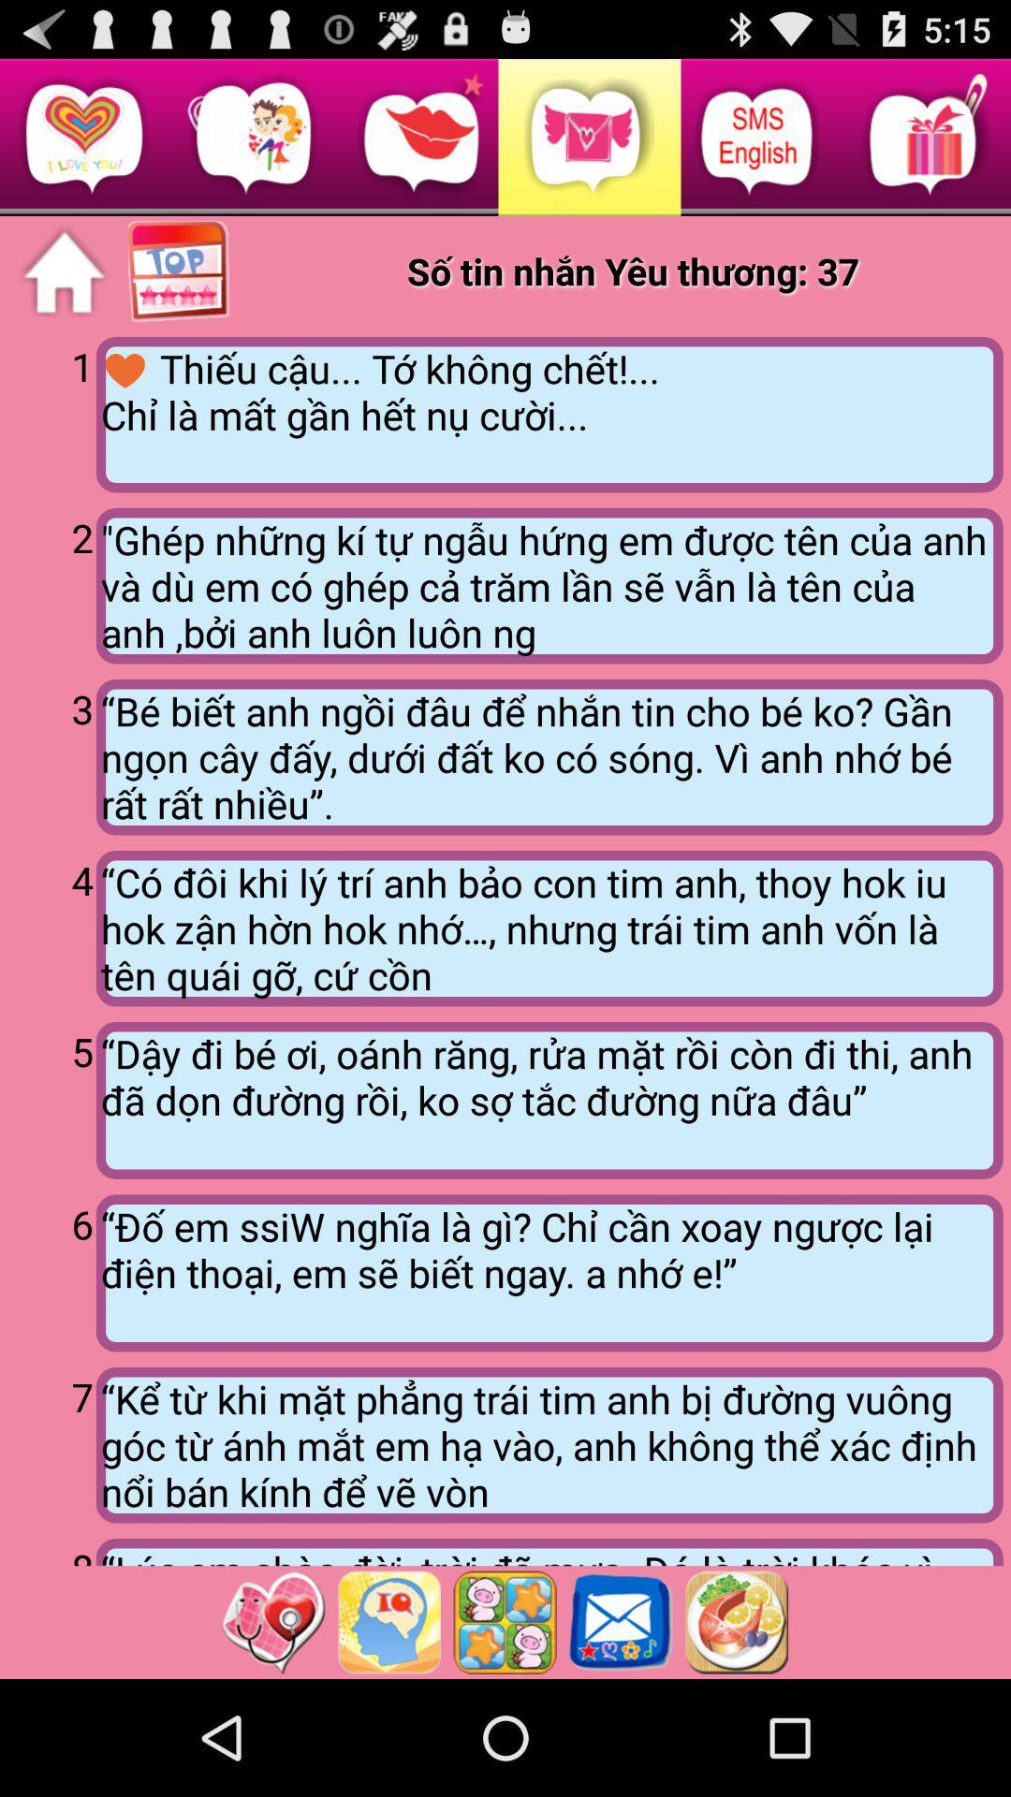  What do you see at coordinates (51, 1097) in the screenshot?
I see `5 icon` at bounding box center [51, 1097].